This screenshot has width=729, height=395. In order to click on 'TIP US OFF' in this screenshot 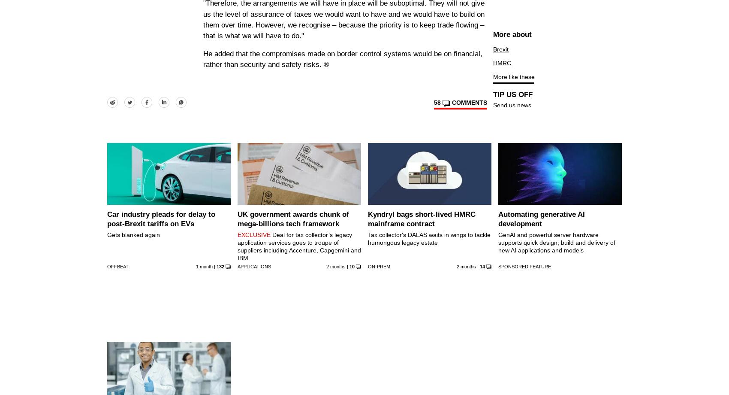, I will do `click(512, 94)`.